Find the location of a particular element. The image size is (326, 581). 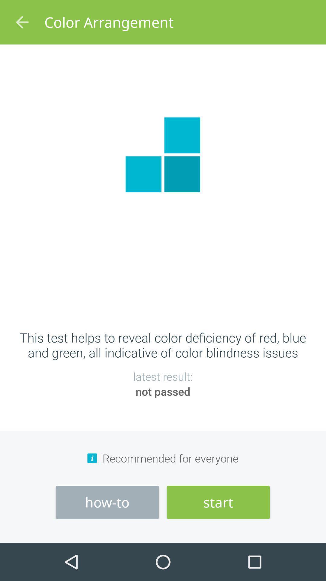

the how-to is located at coordinates (107, 502).